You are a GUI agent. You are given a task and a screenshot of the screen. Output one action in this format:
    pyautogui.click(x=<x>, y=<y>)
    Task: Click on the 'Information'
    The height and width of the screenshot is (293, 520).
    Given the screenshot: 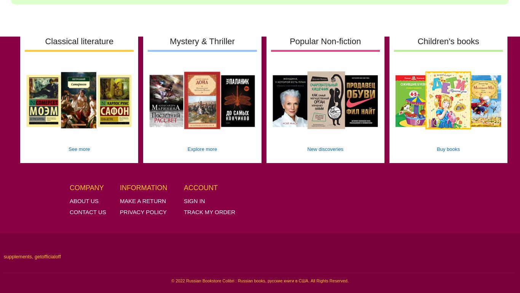 What is the action you would take?
    pyautogui.click(x=120, y=187)
    